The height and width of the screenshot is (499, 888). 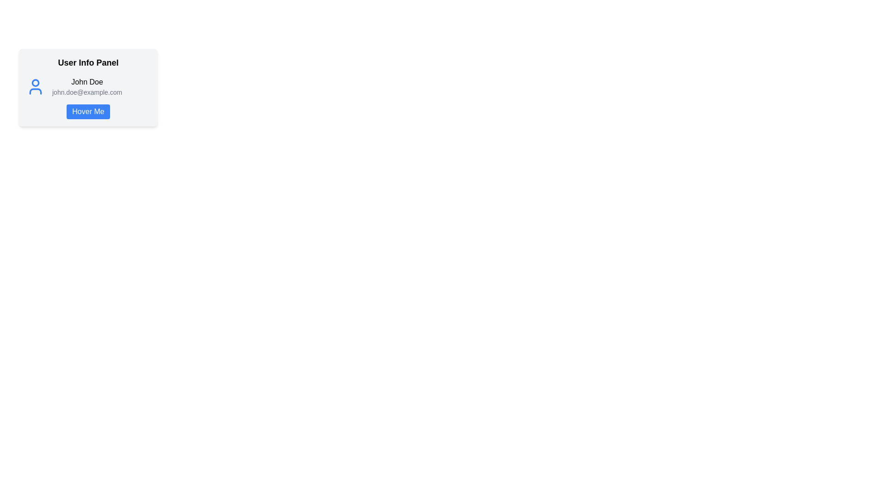 What do you see at coordinates (35, 82) in the screenshot?
I see `the upper circular shape (head) of the user avatar SVG graphic, positioned on the left side of the interface panel` at bounding box center [35, 82].